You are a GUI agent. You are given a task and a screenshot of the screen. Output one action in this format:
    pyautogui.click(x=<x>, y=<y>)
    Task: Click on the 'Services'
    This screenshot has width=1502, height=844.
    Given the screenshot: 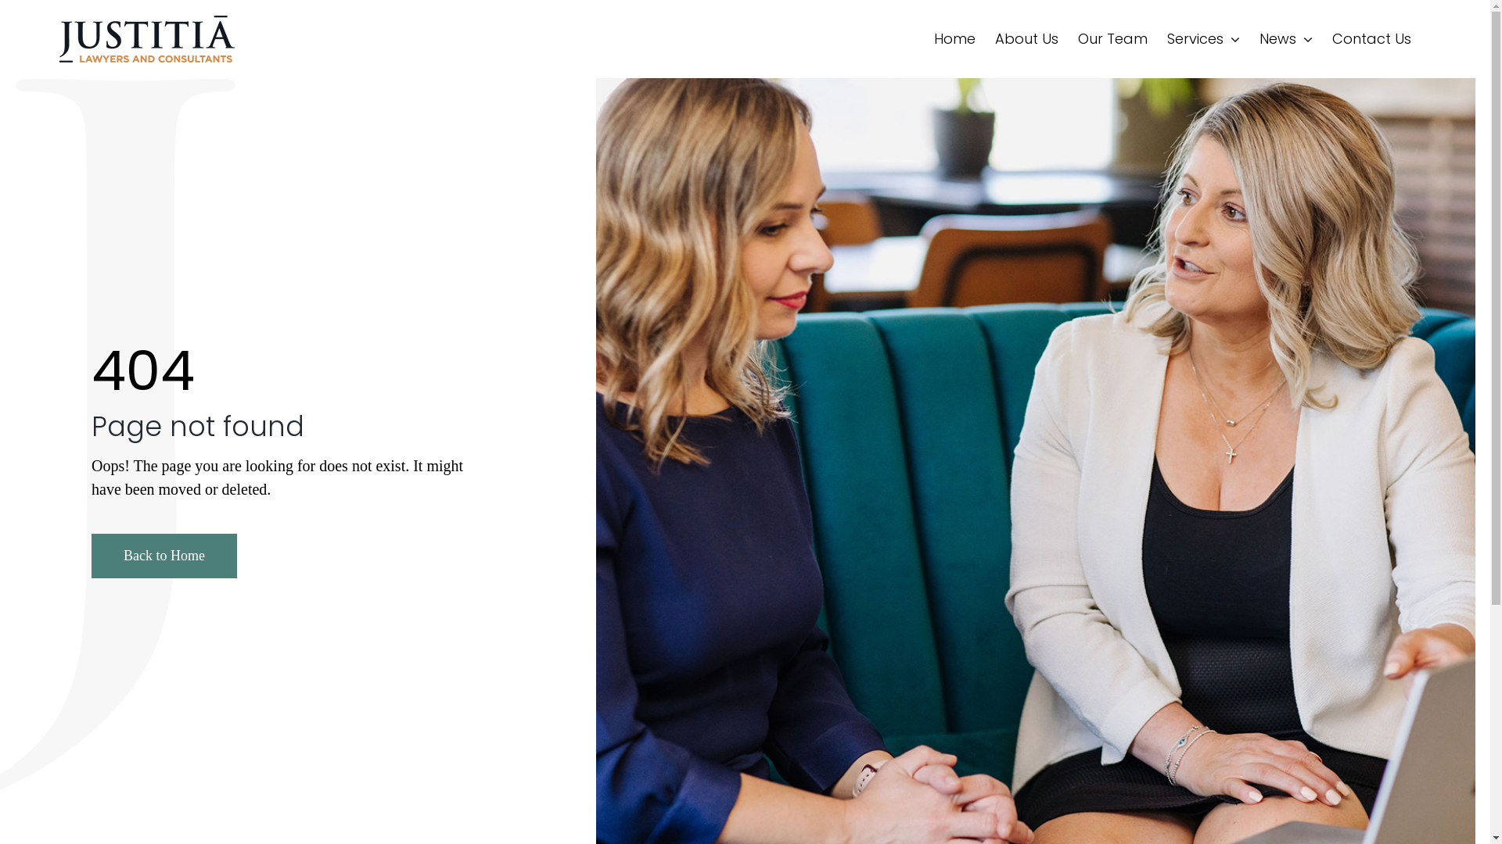 What is the action you would take?
    pyautogui.click(x=1202, y=38)
    